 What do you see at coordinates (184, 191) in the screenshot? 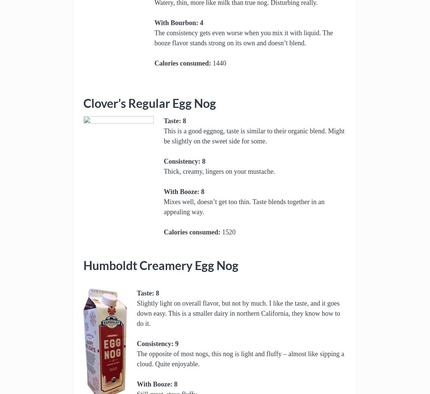
I see `'With Booze: 8'` at bounding box center [184, 191].